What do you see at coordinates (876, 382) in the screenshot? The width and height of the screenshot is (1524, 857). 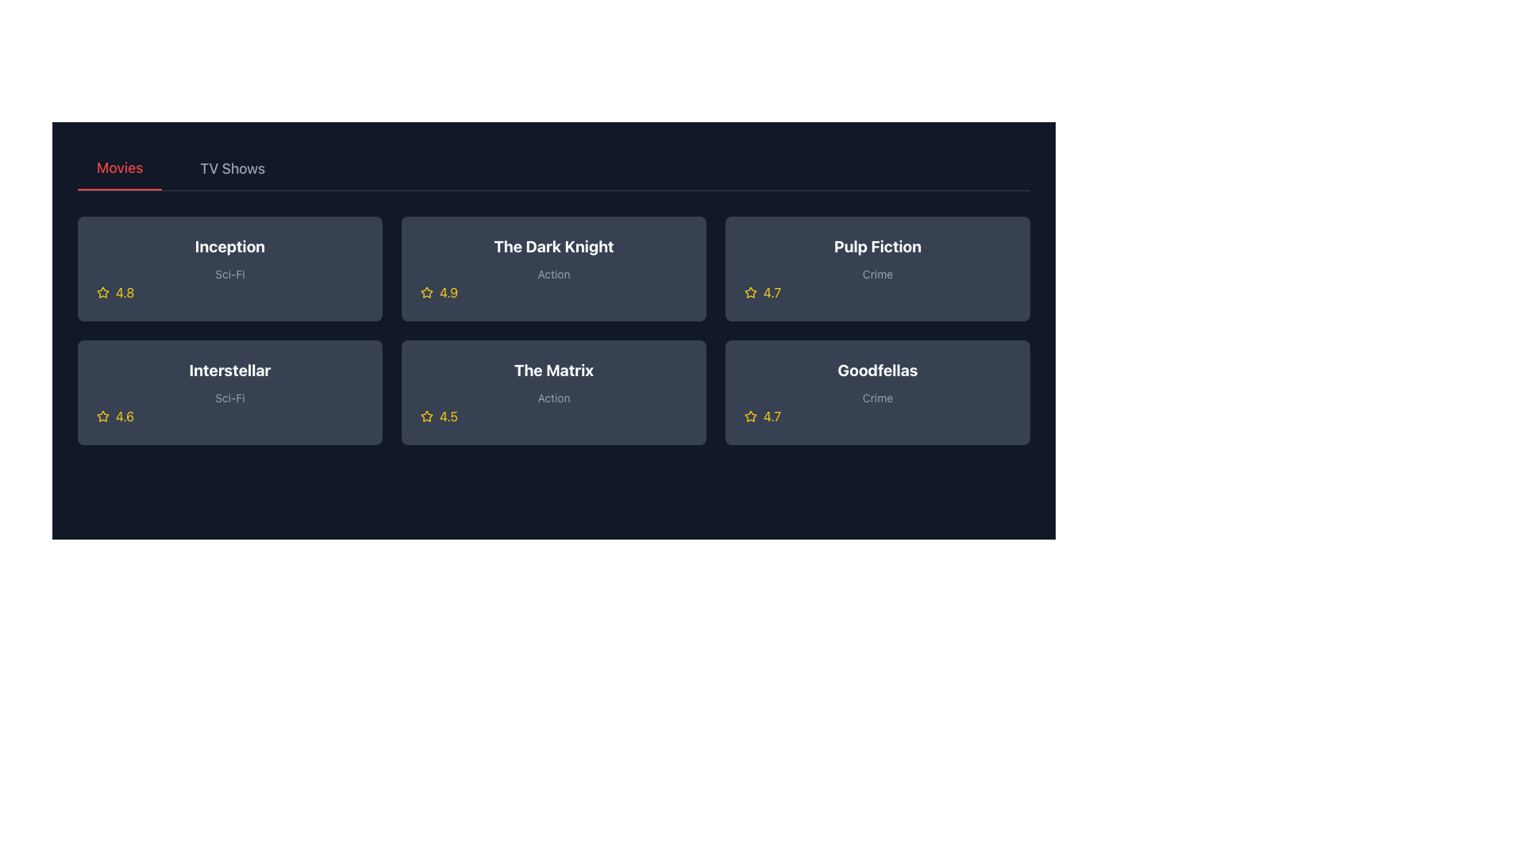 I see `contents of the text block titled 'Goodfellas' with a subtitle 'Crime', which is located in the bottom-right corner of the grid layout` at bounding box center [876, 382].